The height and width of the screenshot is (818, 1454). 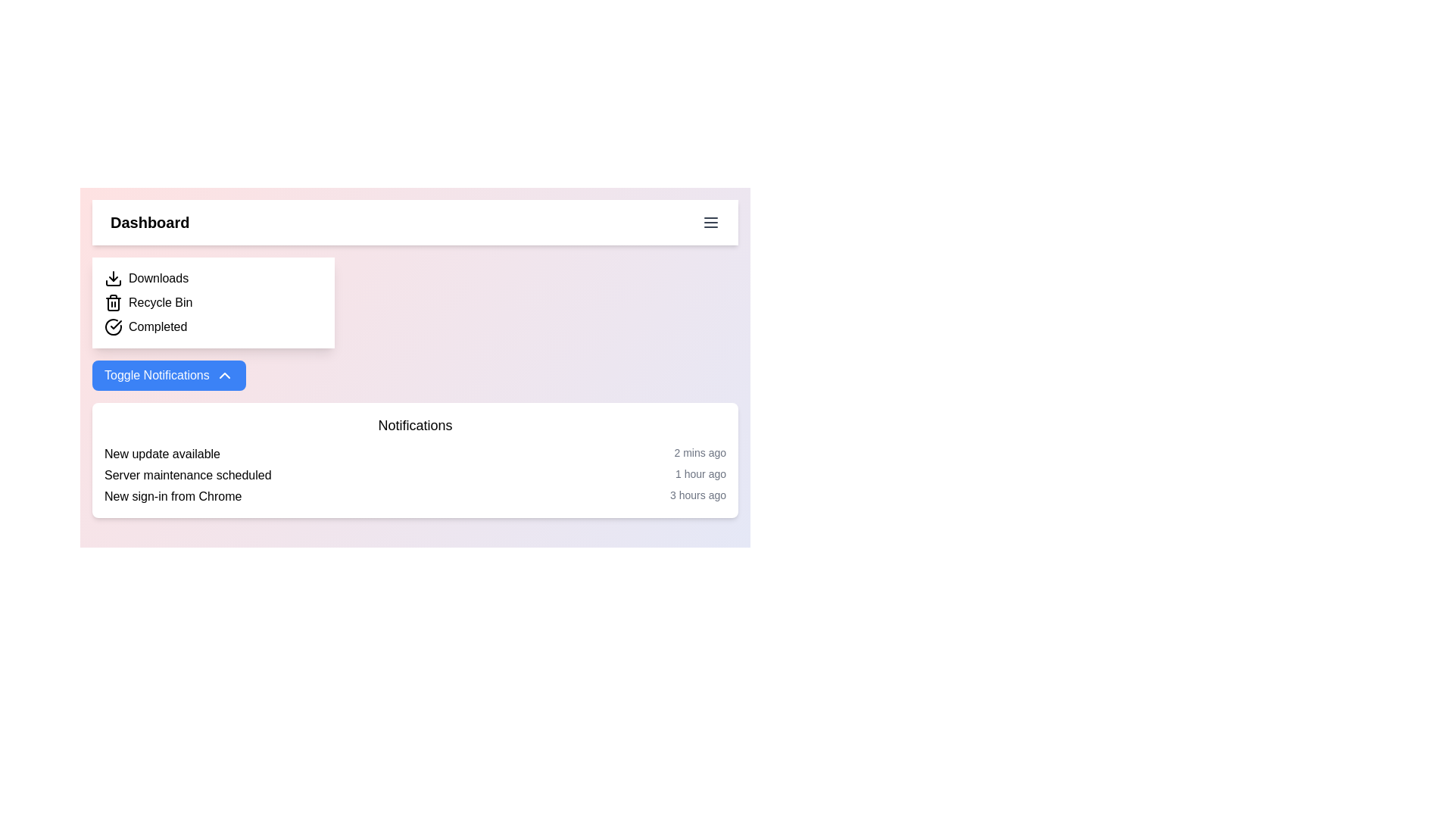 What do you see at coordinates (710, 222) in the screenshot?
I see `the menu toggle button located at the top-right corner of the header bar` at bounding box center [710, 222].